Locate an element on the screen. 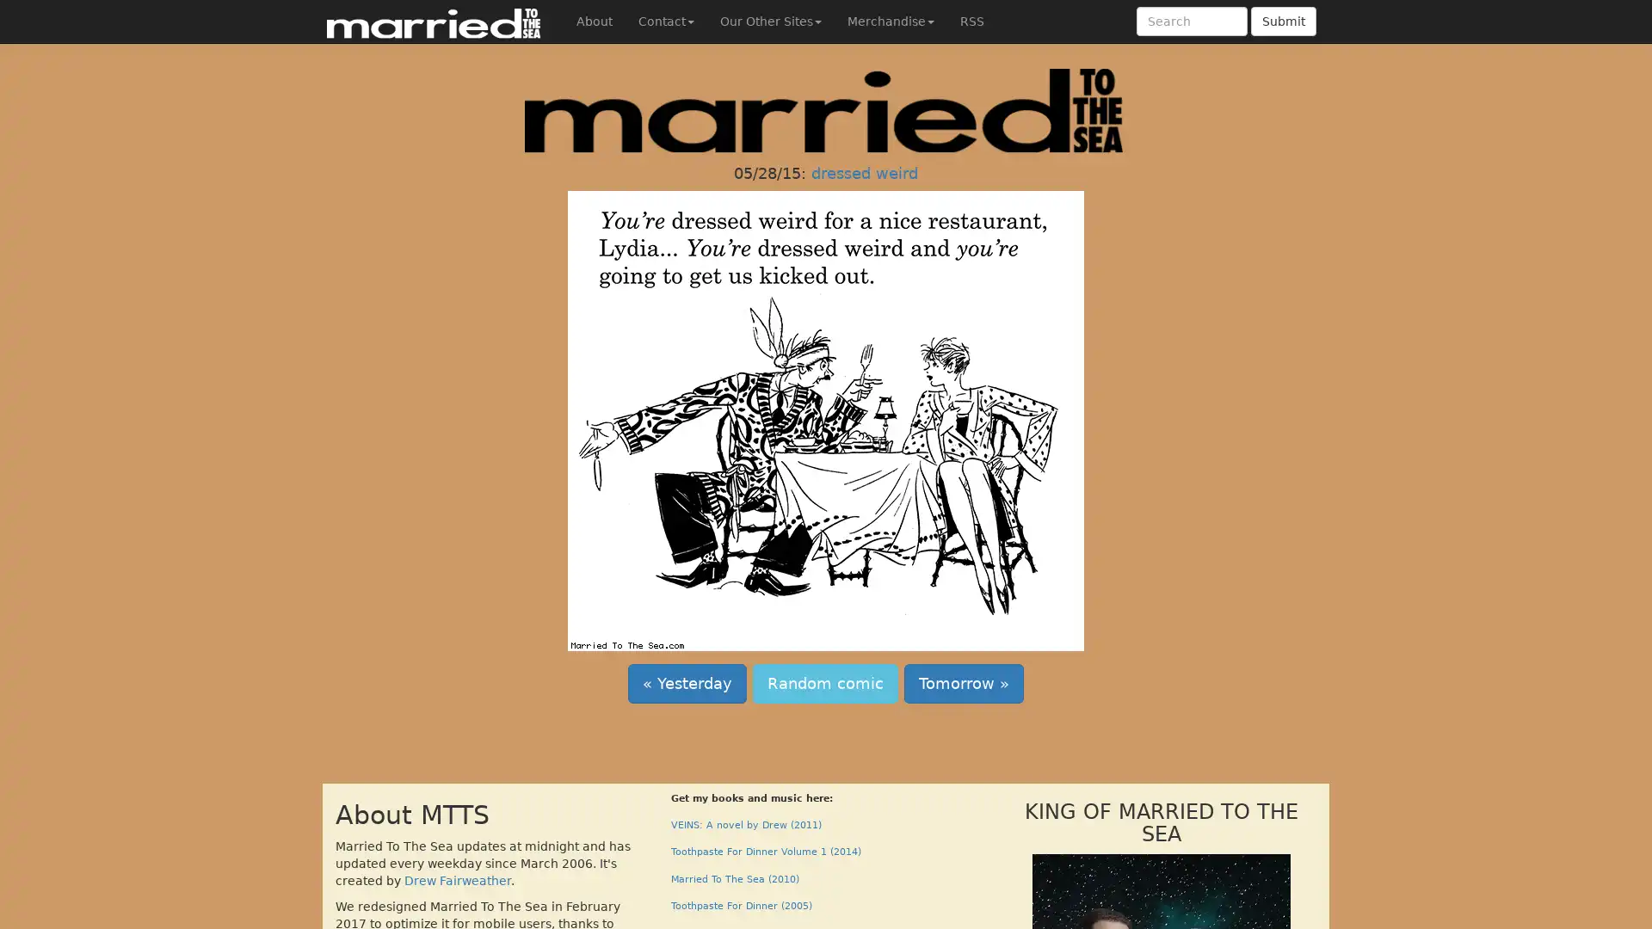 The width and height of the screenshot is (1652, 929). Tomorrow is located at coordinates (964, 682).